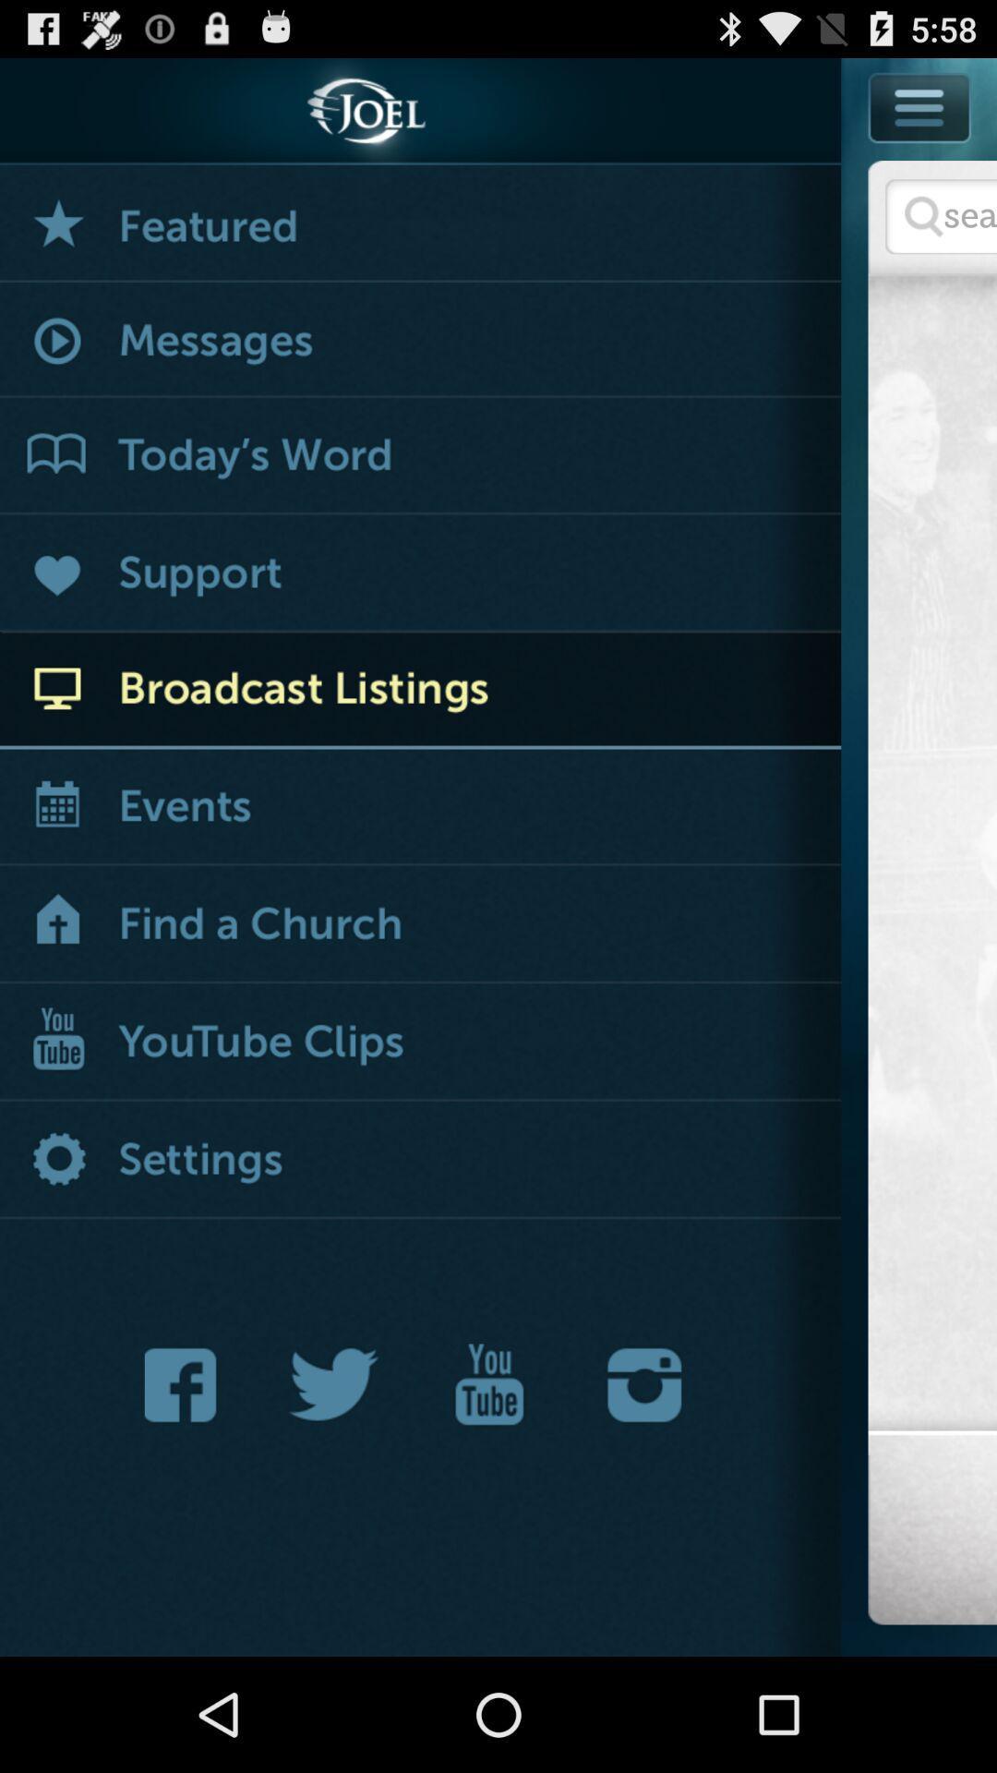  What do you see at coordinates (420, 689) in the screenshot?
I see `broadcast listings` at bounding box center [420, 689].